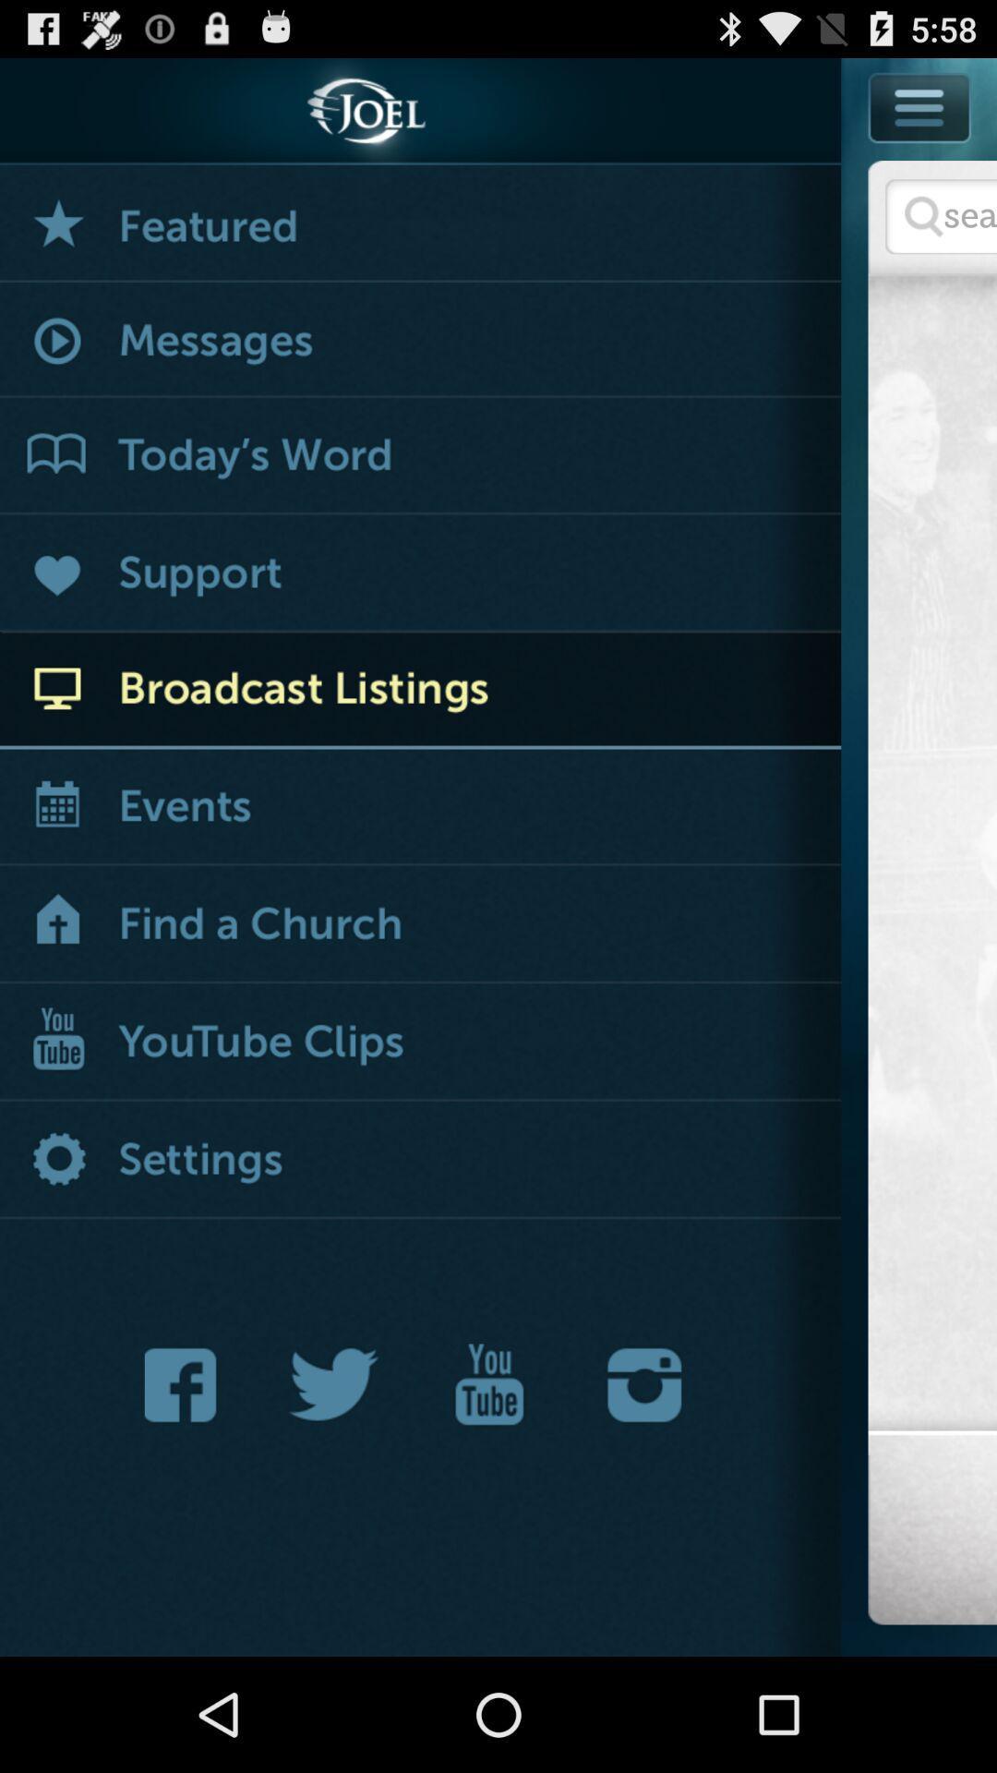  What do you see at coordinates (420, 689) in the screenshot?
I see `broadcast listings` at bounding box center [420, 689].